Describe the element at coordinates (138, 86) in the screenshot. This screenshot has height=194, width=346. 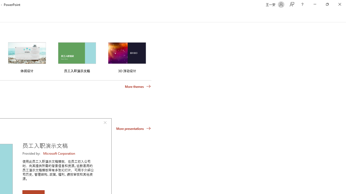
I see `'More themes'` at that location.